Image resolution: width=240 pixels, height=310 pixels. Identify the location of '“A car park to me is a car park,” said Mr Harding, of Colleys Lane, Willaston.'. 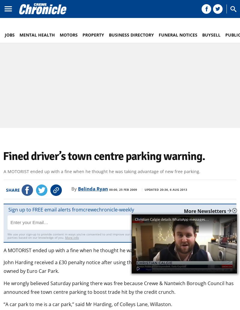
(88, 304).